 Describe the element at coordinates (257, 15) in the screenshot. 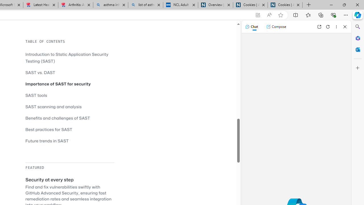

I see `'App available. Install GitHub'` at that location.